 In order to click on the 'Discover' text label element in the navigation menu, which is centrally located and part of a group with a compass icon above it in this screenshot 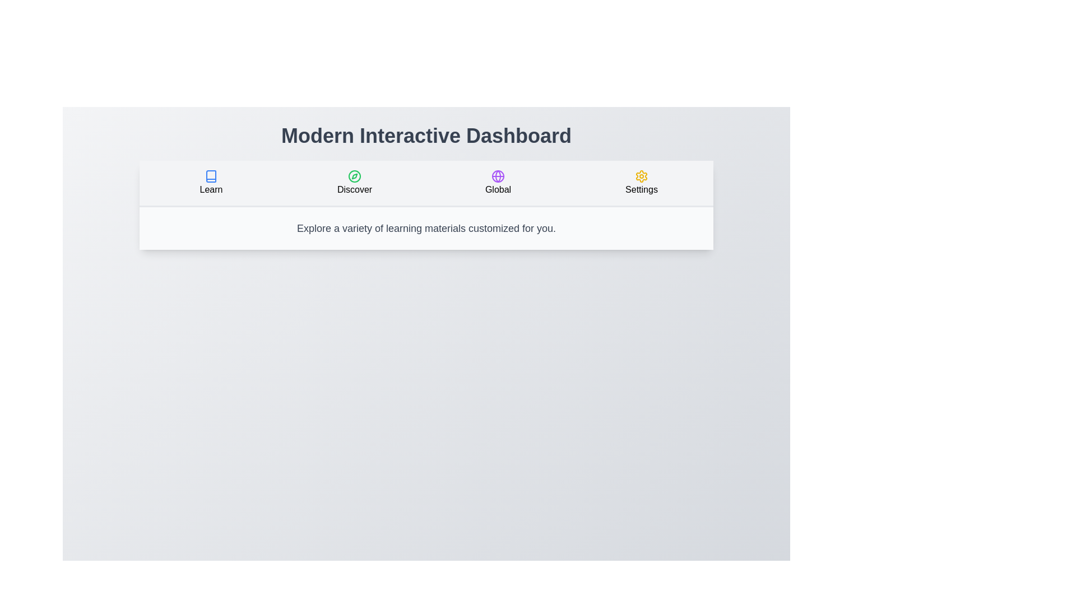, I will do `click(354, 189)`.